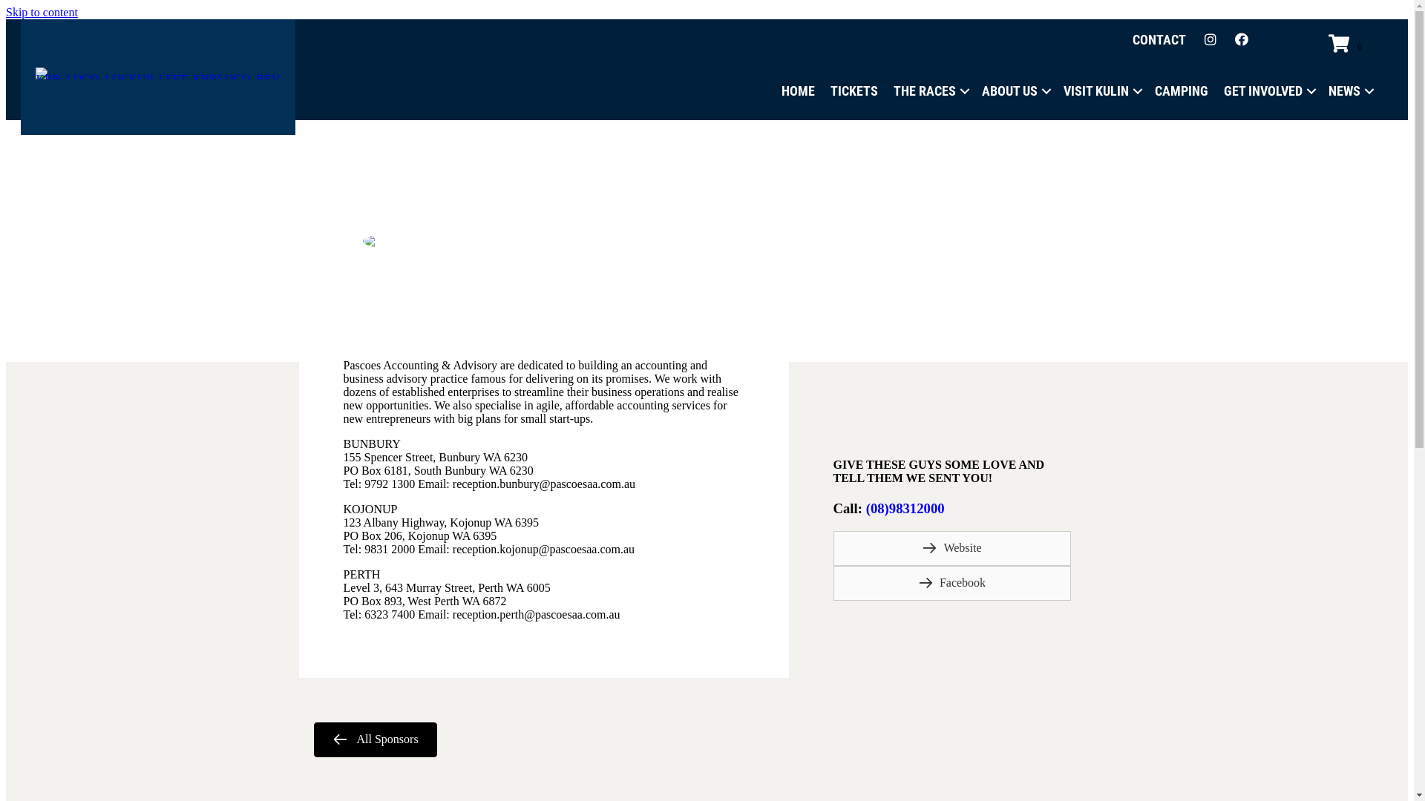 Image resolution: width=1425 pixels, height=801 pixels. Describe the element at coordinates (822, 91) in the screenshot. I see `'TICKETS'` at that location.